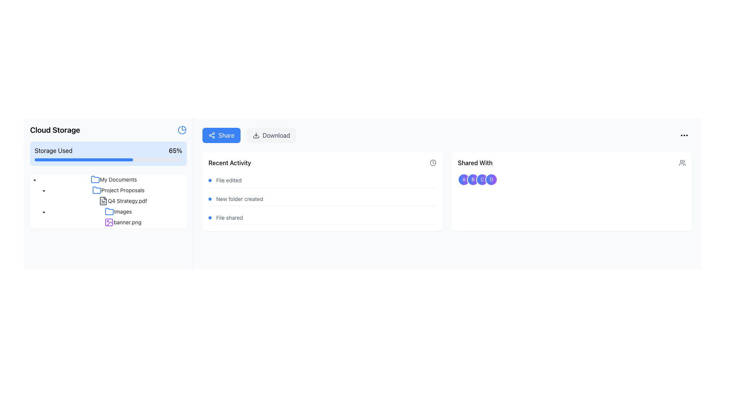  Describe the element at coordinates (464, 179) in the screenshot. I see `the user represented` at that location.